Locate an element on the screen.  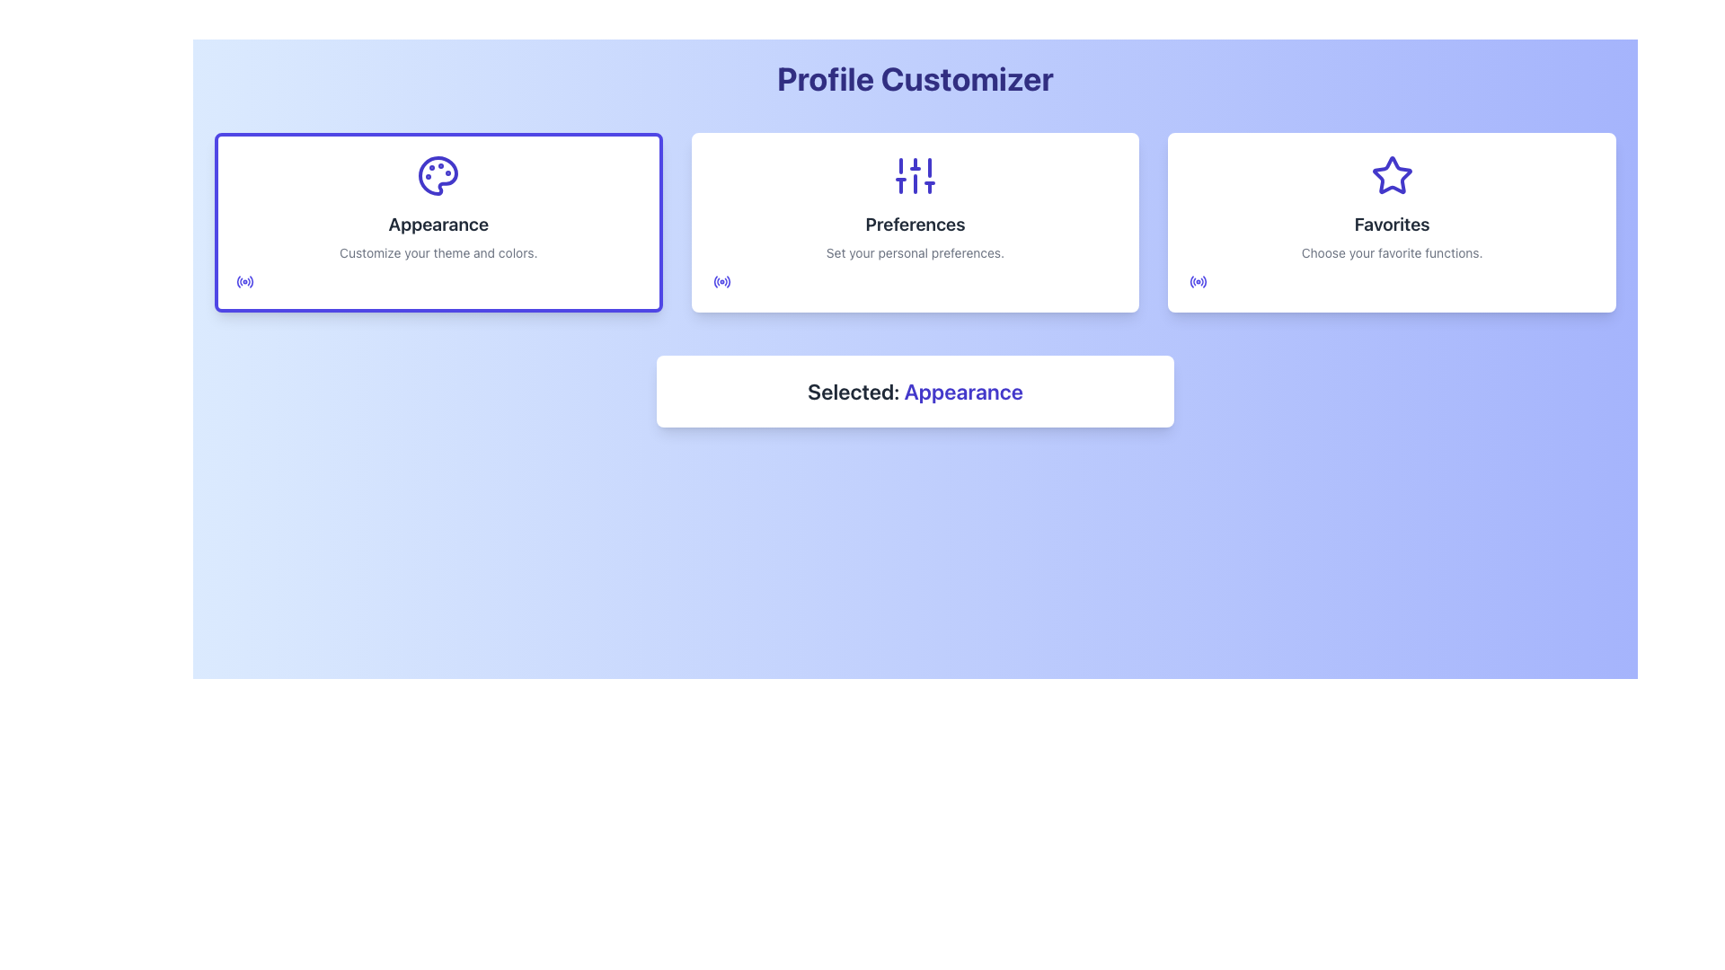
the graphical icon representing the 'Appearance' option, located at the top center of the card labeled 'Appearance' is located at coordinates (438, 176).